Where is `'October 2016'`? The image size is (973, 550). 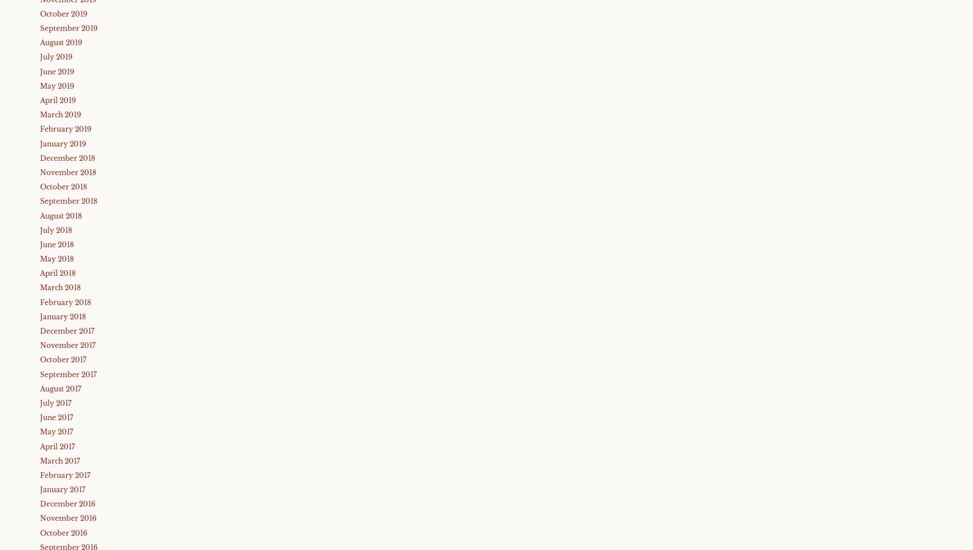
'October 2016' is located at coordinates (63, 532).